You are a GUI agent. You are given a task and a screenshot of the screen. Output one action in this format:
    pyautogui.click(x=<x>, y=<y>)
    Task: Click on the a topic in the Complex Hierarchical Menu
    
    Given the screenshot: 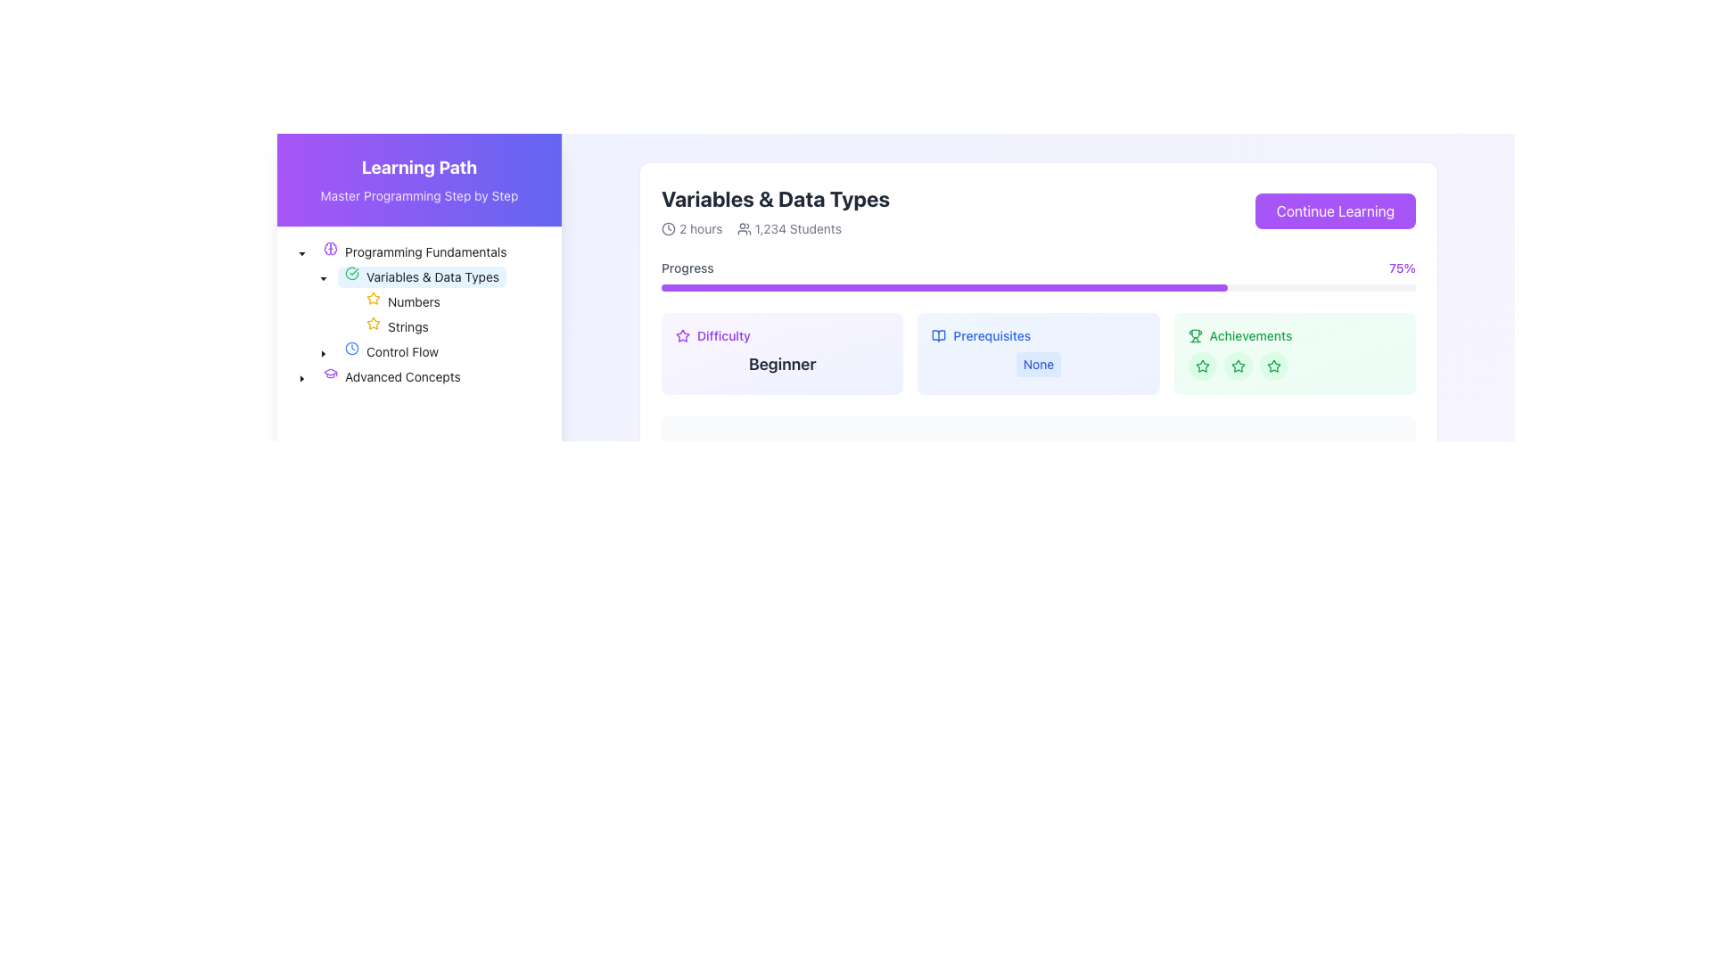 What is the action you would take?
    pyautogui.click(x=418, y=315)
    